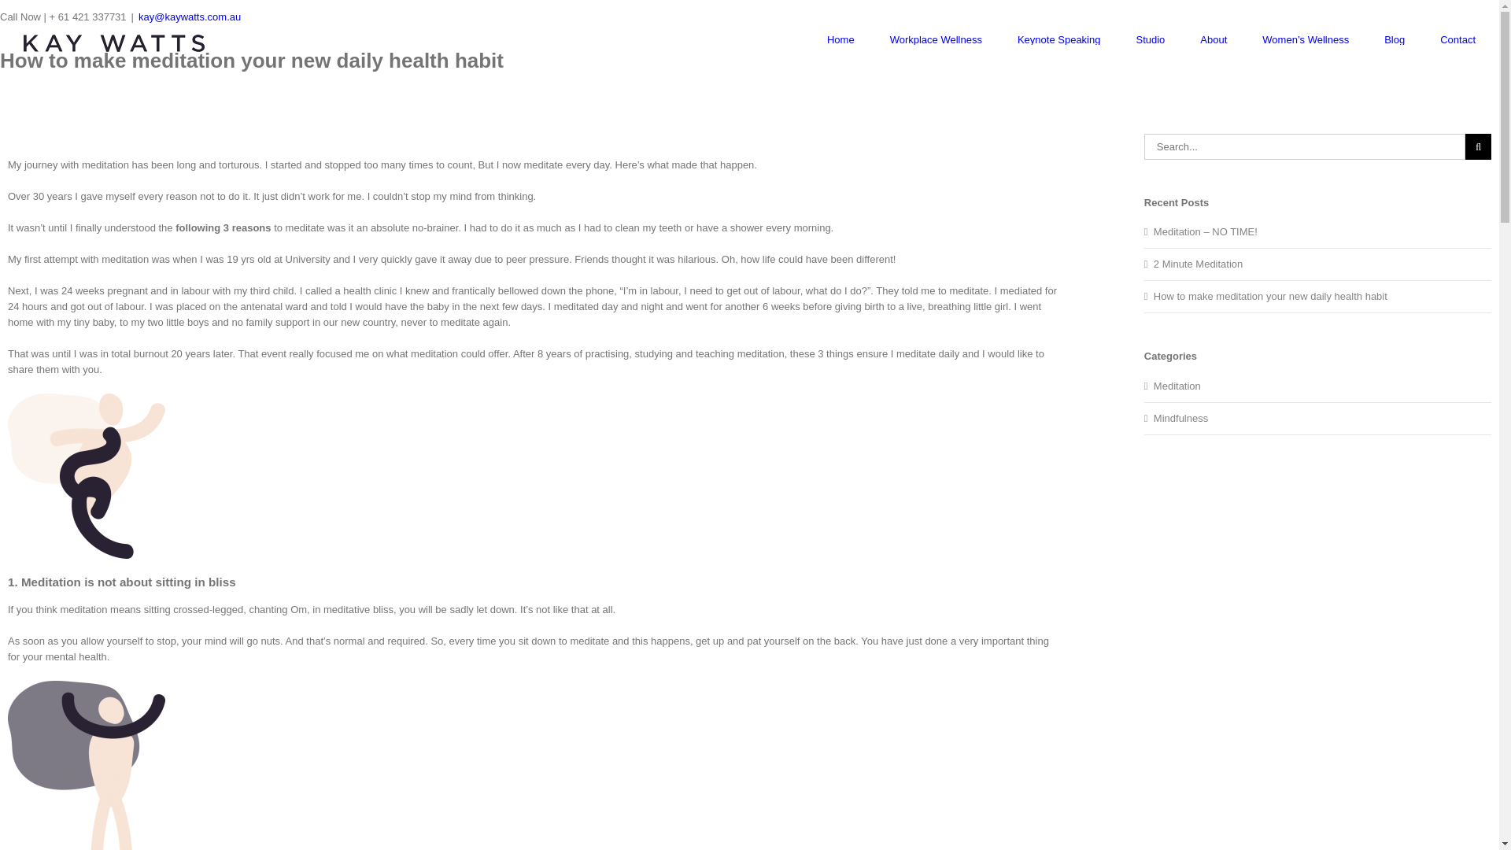 The image size is (1511, 850). What do you see at coordinates (139, 17) in the screenshot?
I see `'kay@kaywatts.com.au'` at bounding box center [139, 17].